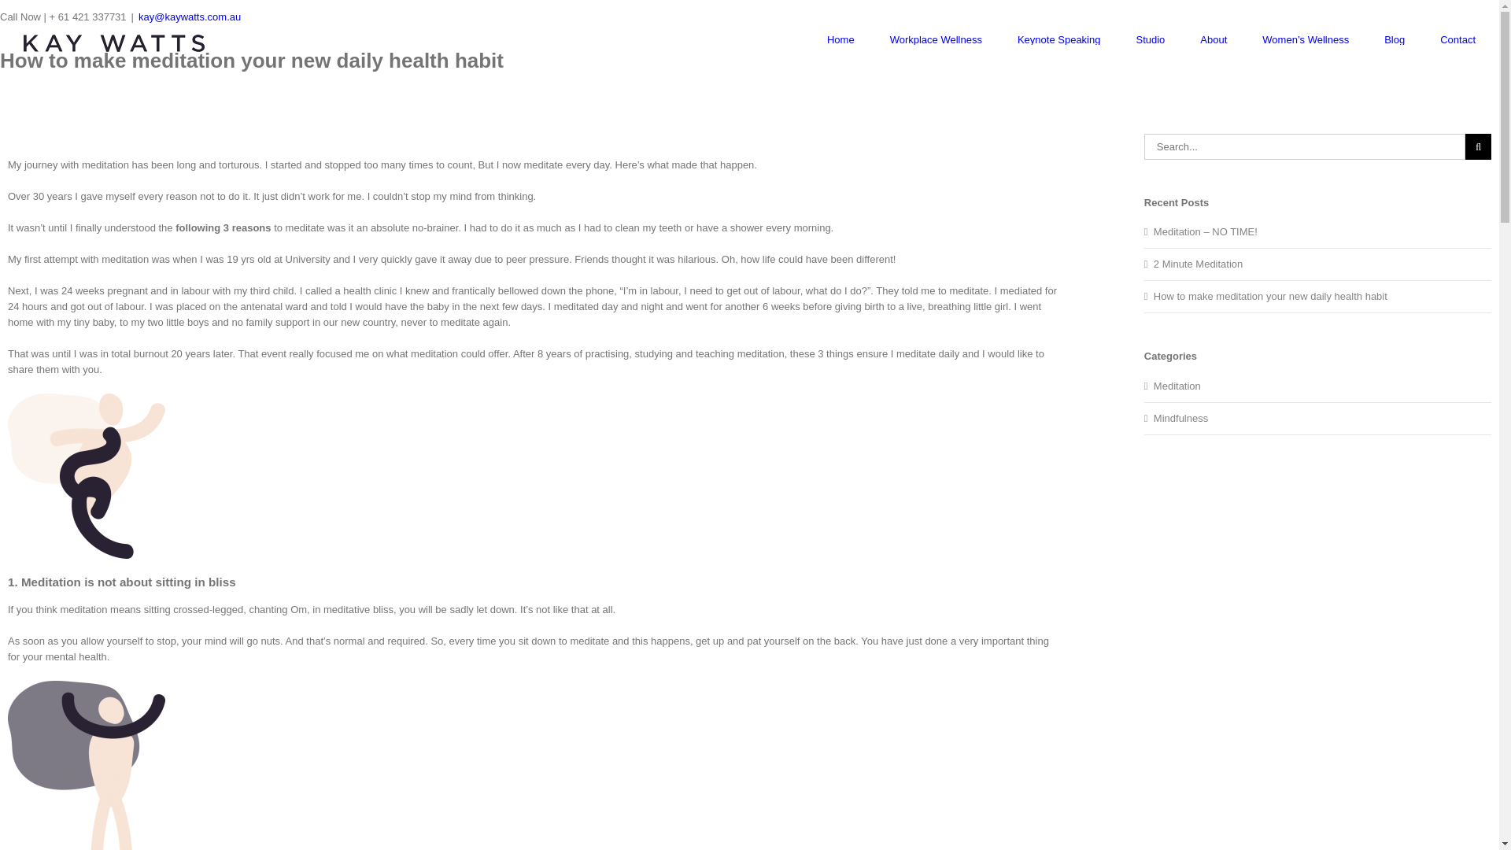 The image size is (1511, 850). What do you see at coordinates (139, 17) in the screenshot?
I see `'kay@kaywatts.com.au'` at bounding box center [139, 17].